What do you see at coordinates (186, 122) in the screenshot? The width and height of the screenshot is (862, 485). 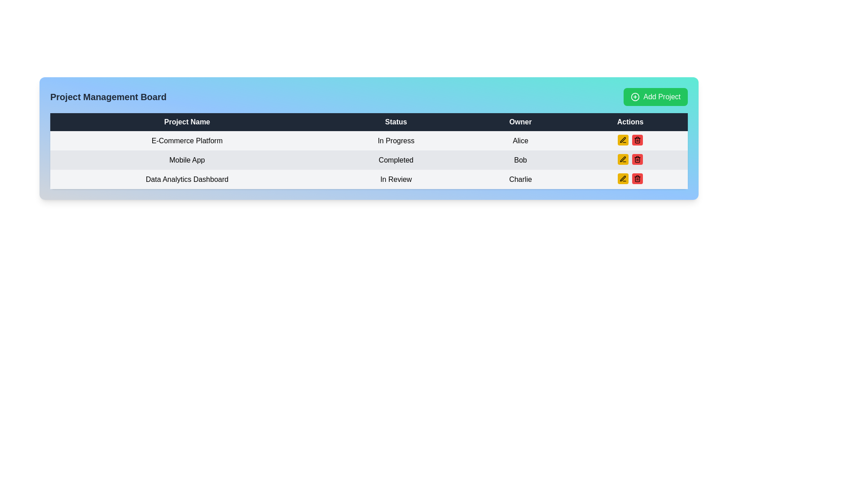 I see `the 'Project Name' text label, which is the first column header in a table with a dark blue background and bold white text` at bounding box center [186, 122].